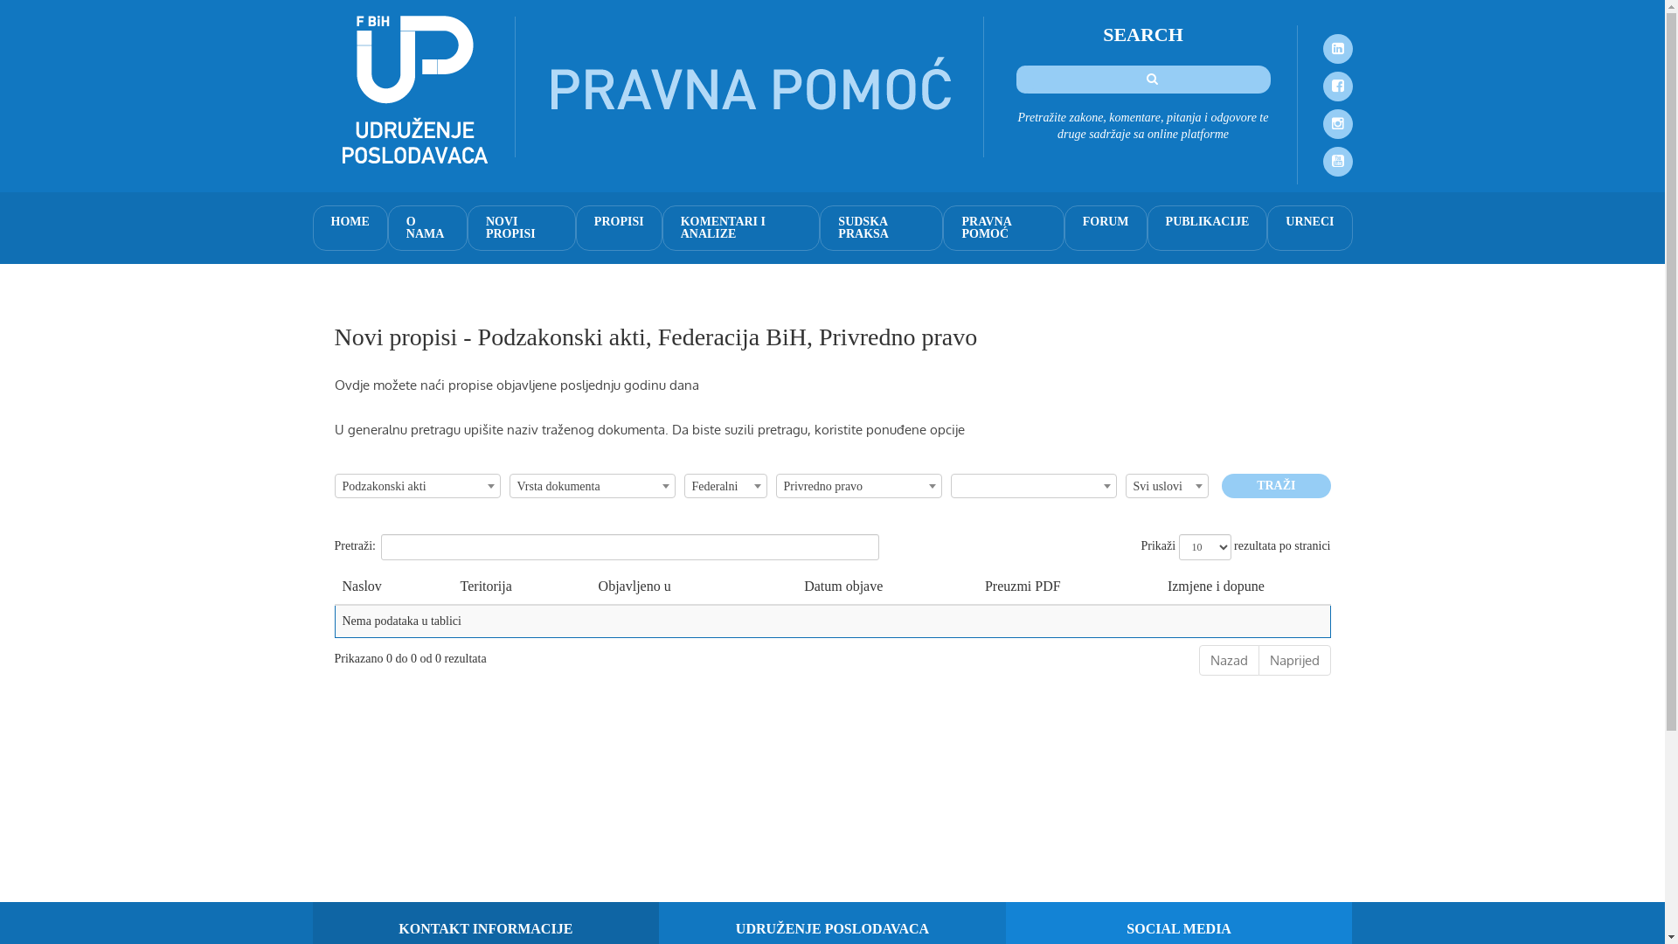 This screenshot has height=944, width=1678. I want to click on 'O NAMA', so click(427, 227).